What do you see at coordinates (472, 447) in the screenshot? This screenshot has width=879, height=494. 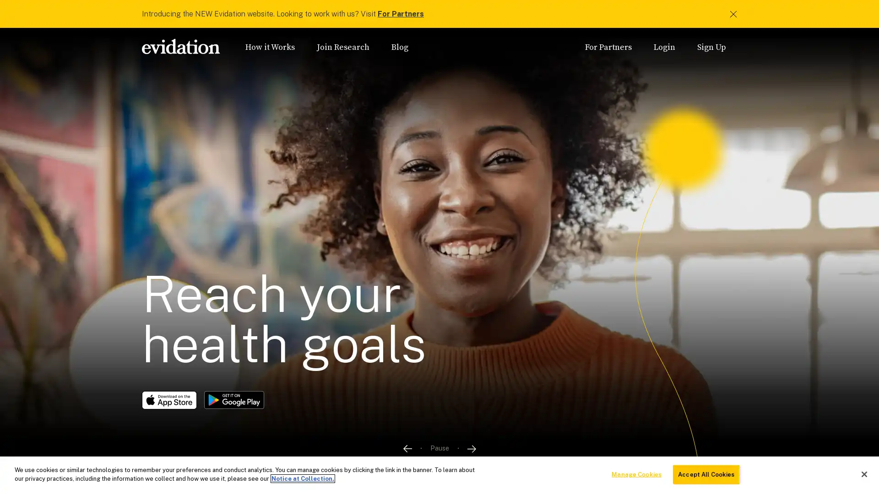 I see `Next slide` at bounding box center [472, 447].